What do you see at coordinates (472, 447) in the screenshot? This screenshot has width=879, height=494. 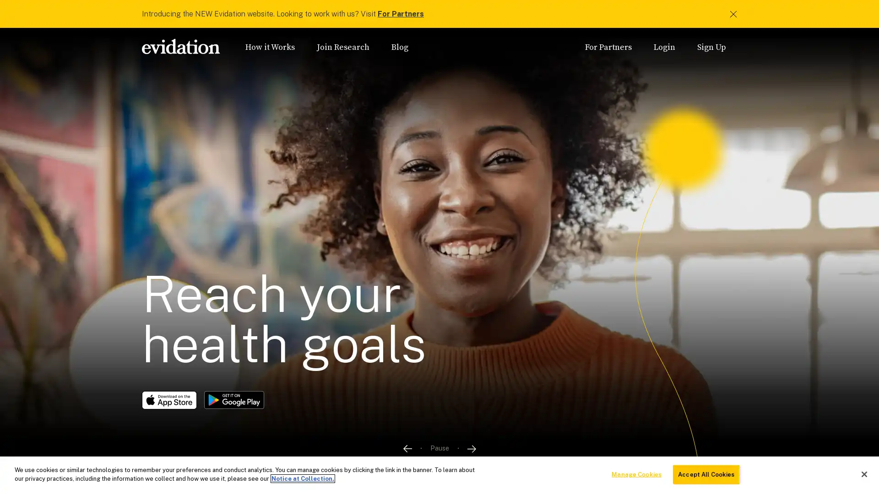 I see `Next slide` at bounding box center [472, 447].